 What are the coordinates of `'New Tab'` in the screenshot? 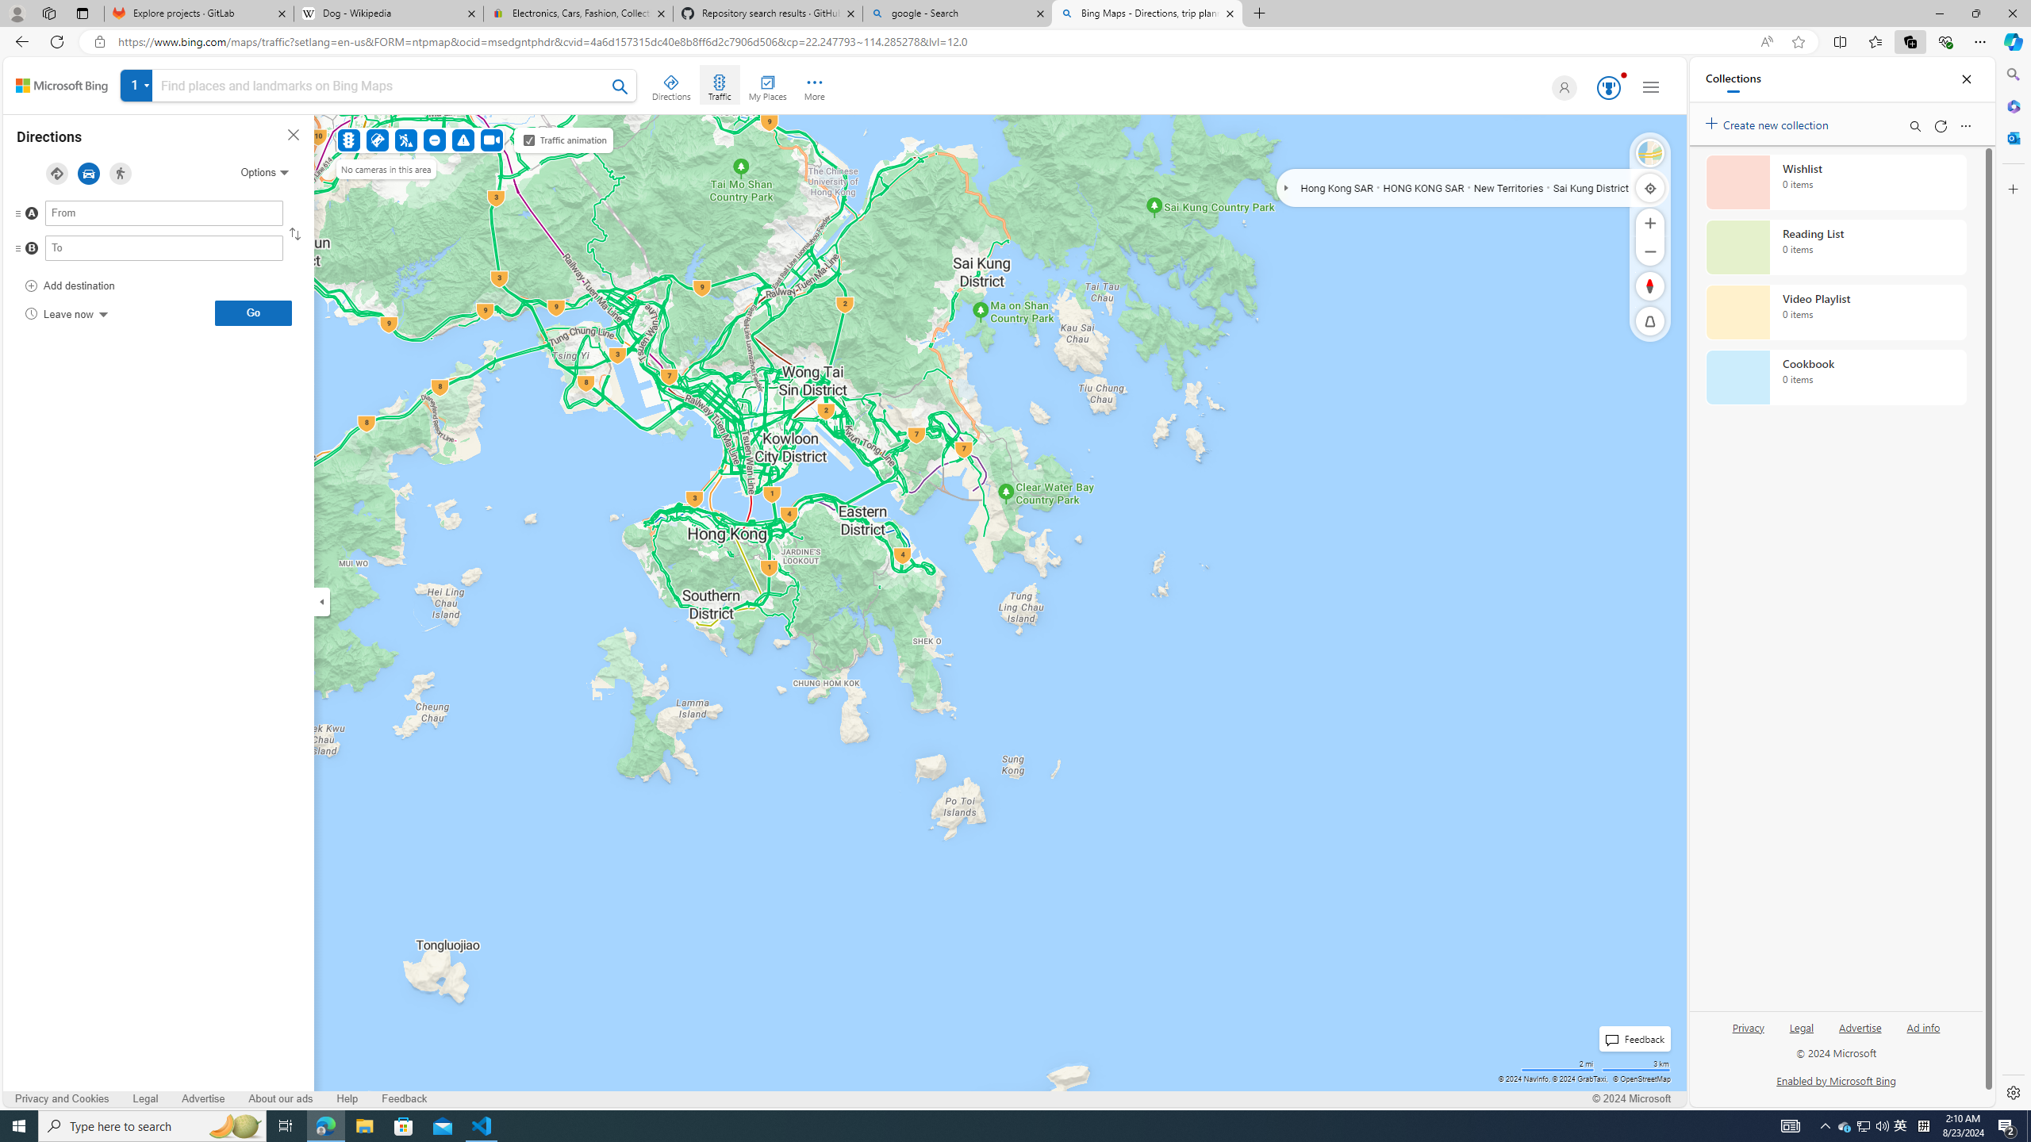 It's located at (1259, 13).